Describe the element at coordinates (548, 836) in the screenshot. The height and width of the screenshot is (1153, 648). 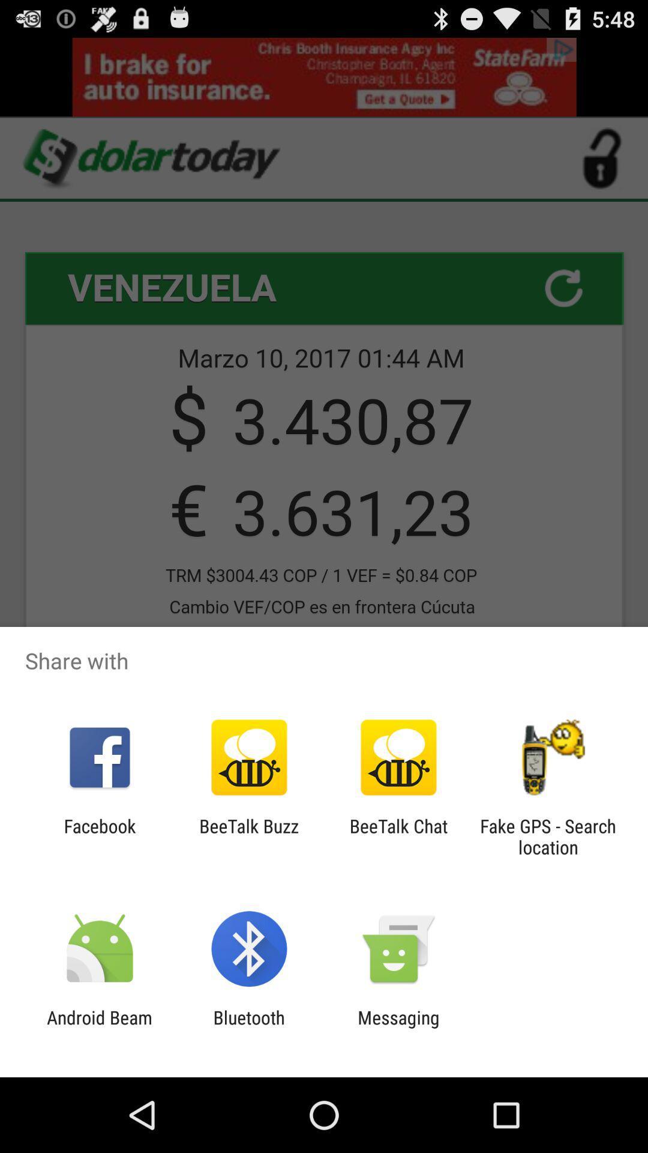
I see `fake gps search icon` at that location.